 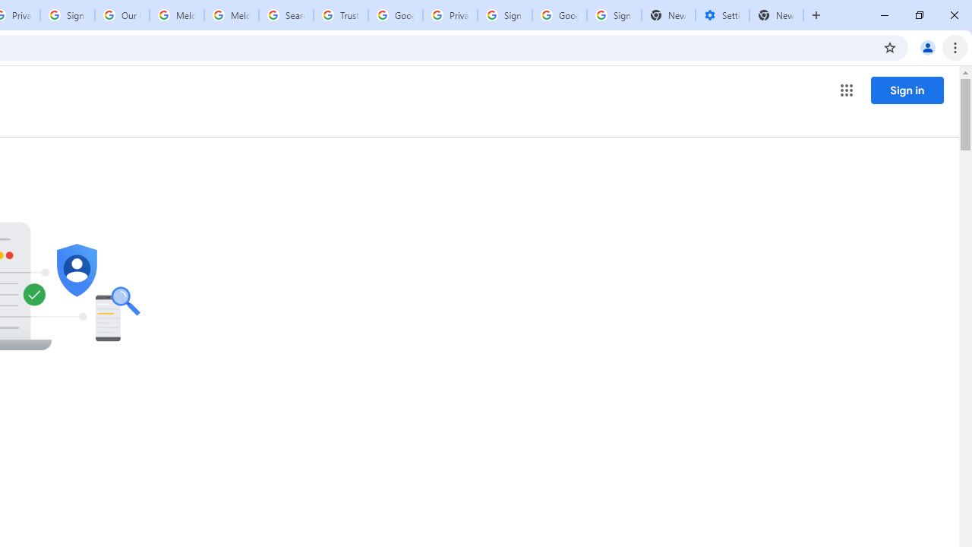 What do you see at coordinates (286, 15) in the screenshot?
I see `'Search our Doodle Library Collection - Google Doodles'` at bounding box center [286, 15].